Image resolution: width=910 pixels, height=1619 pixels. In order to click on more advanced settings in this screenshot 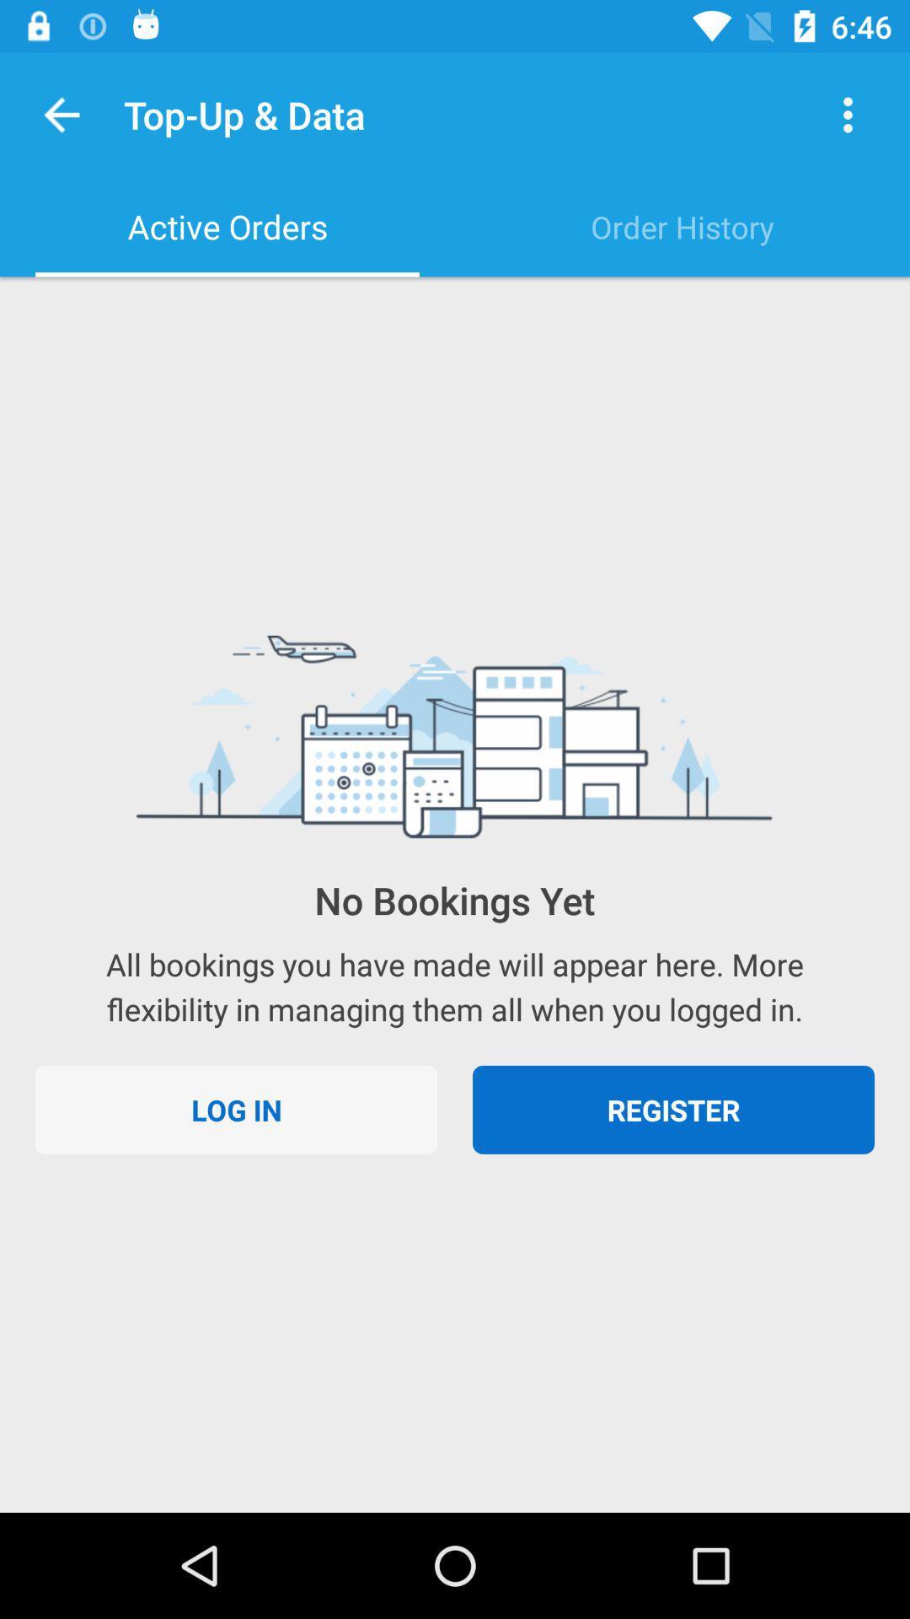, I will do `click(848, 114)`.